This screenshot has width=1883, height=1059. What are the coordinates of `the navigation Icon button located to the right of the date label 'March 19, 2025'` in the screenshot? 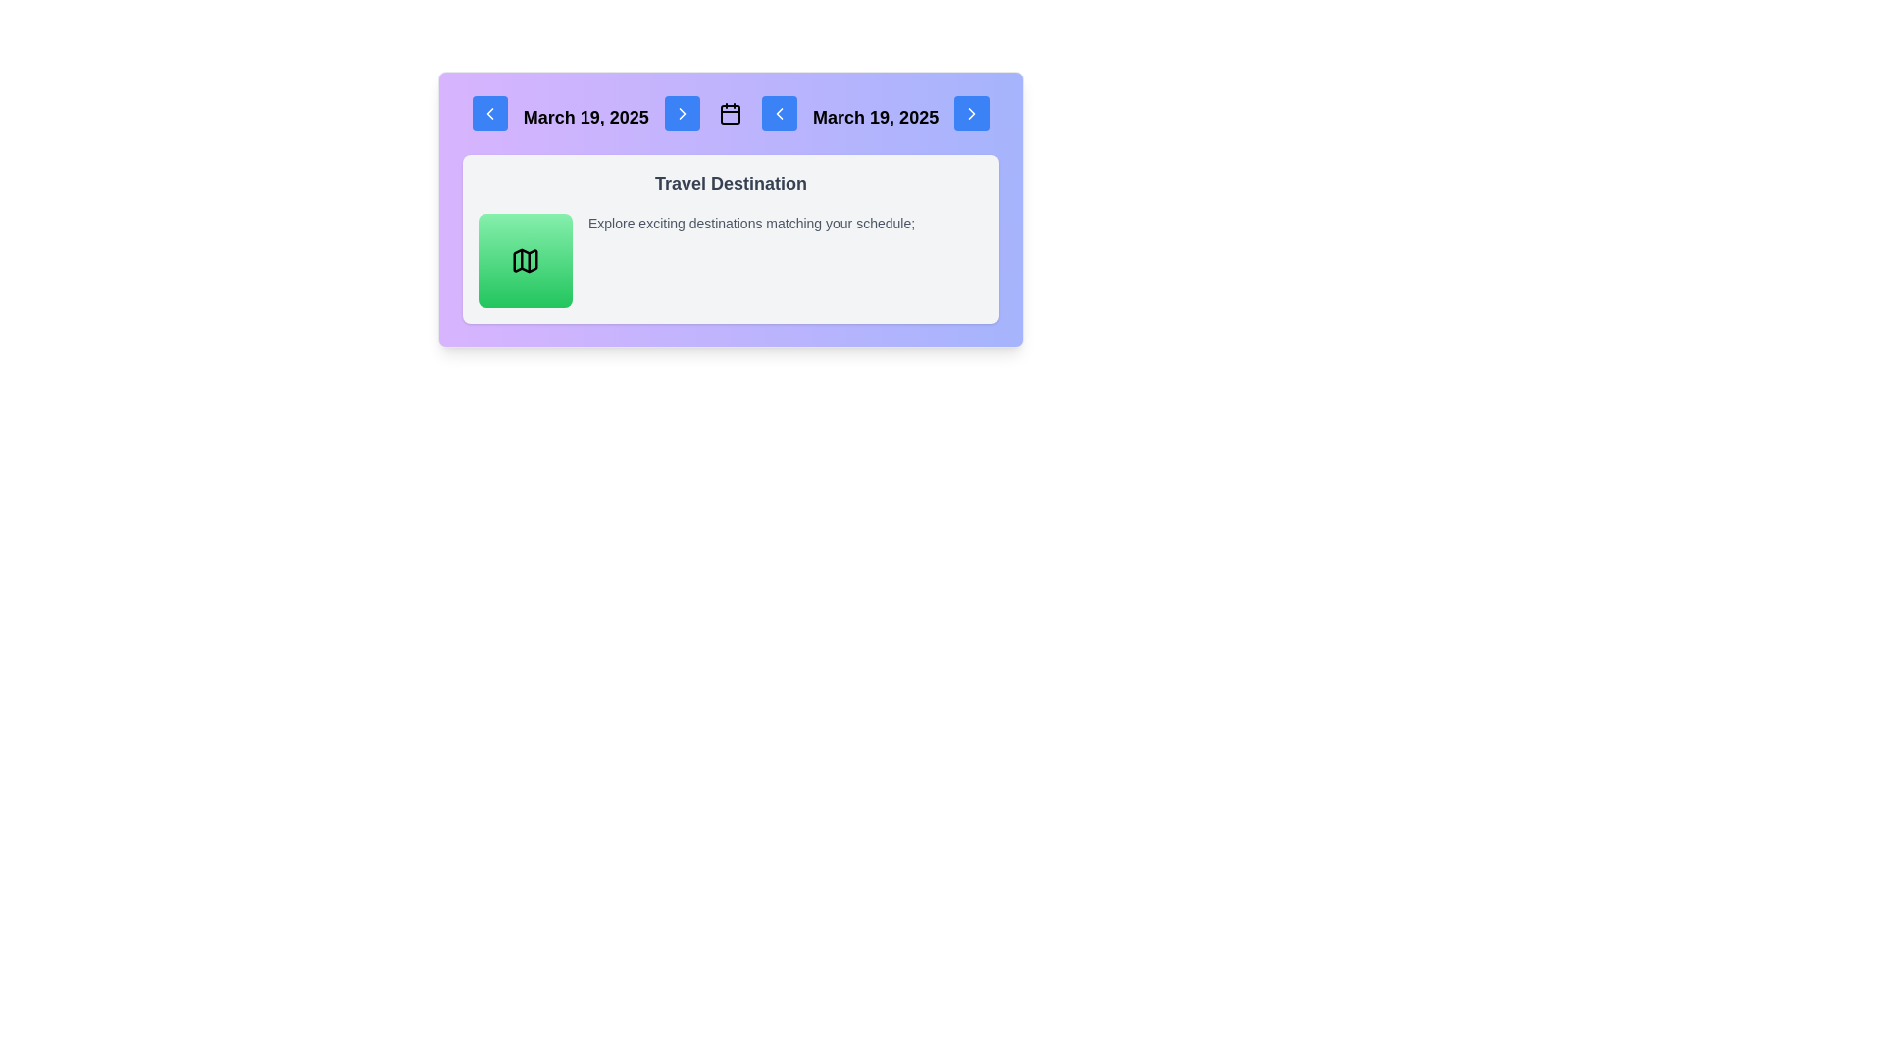 It's located at (682, 113).